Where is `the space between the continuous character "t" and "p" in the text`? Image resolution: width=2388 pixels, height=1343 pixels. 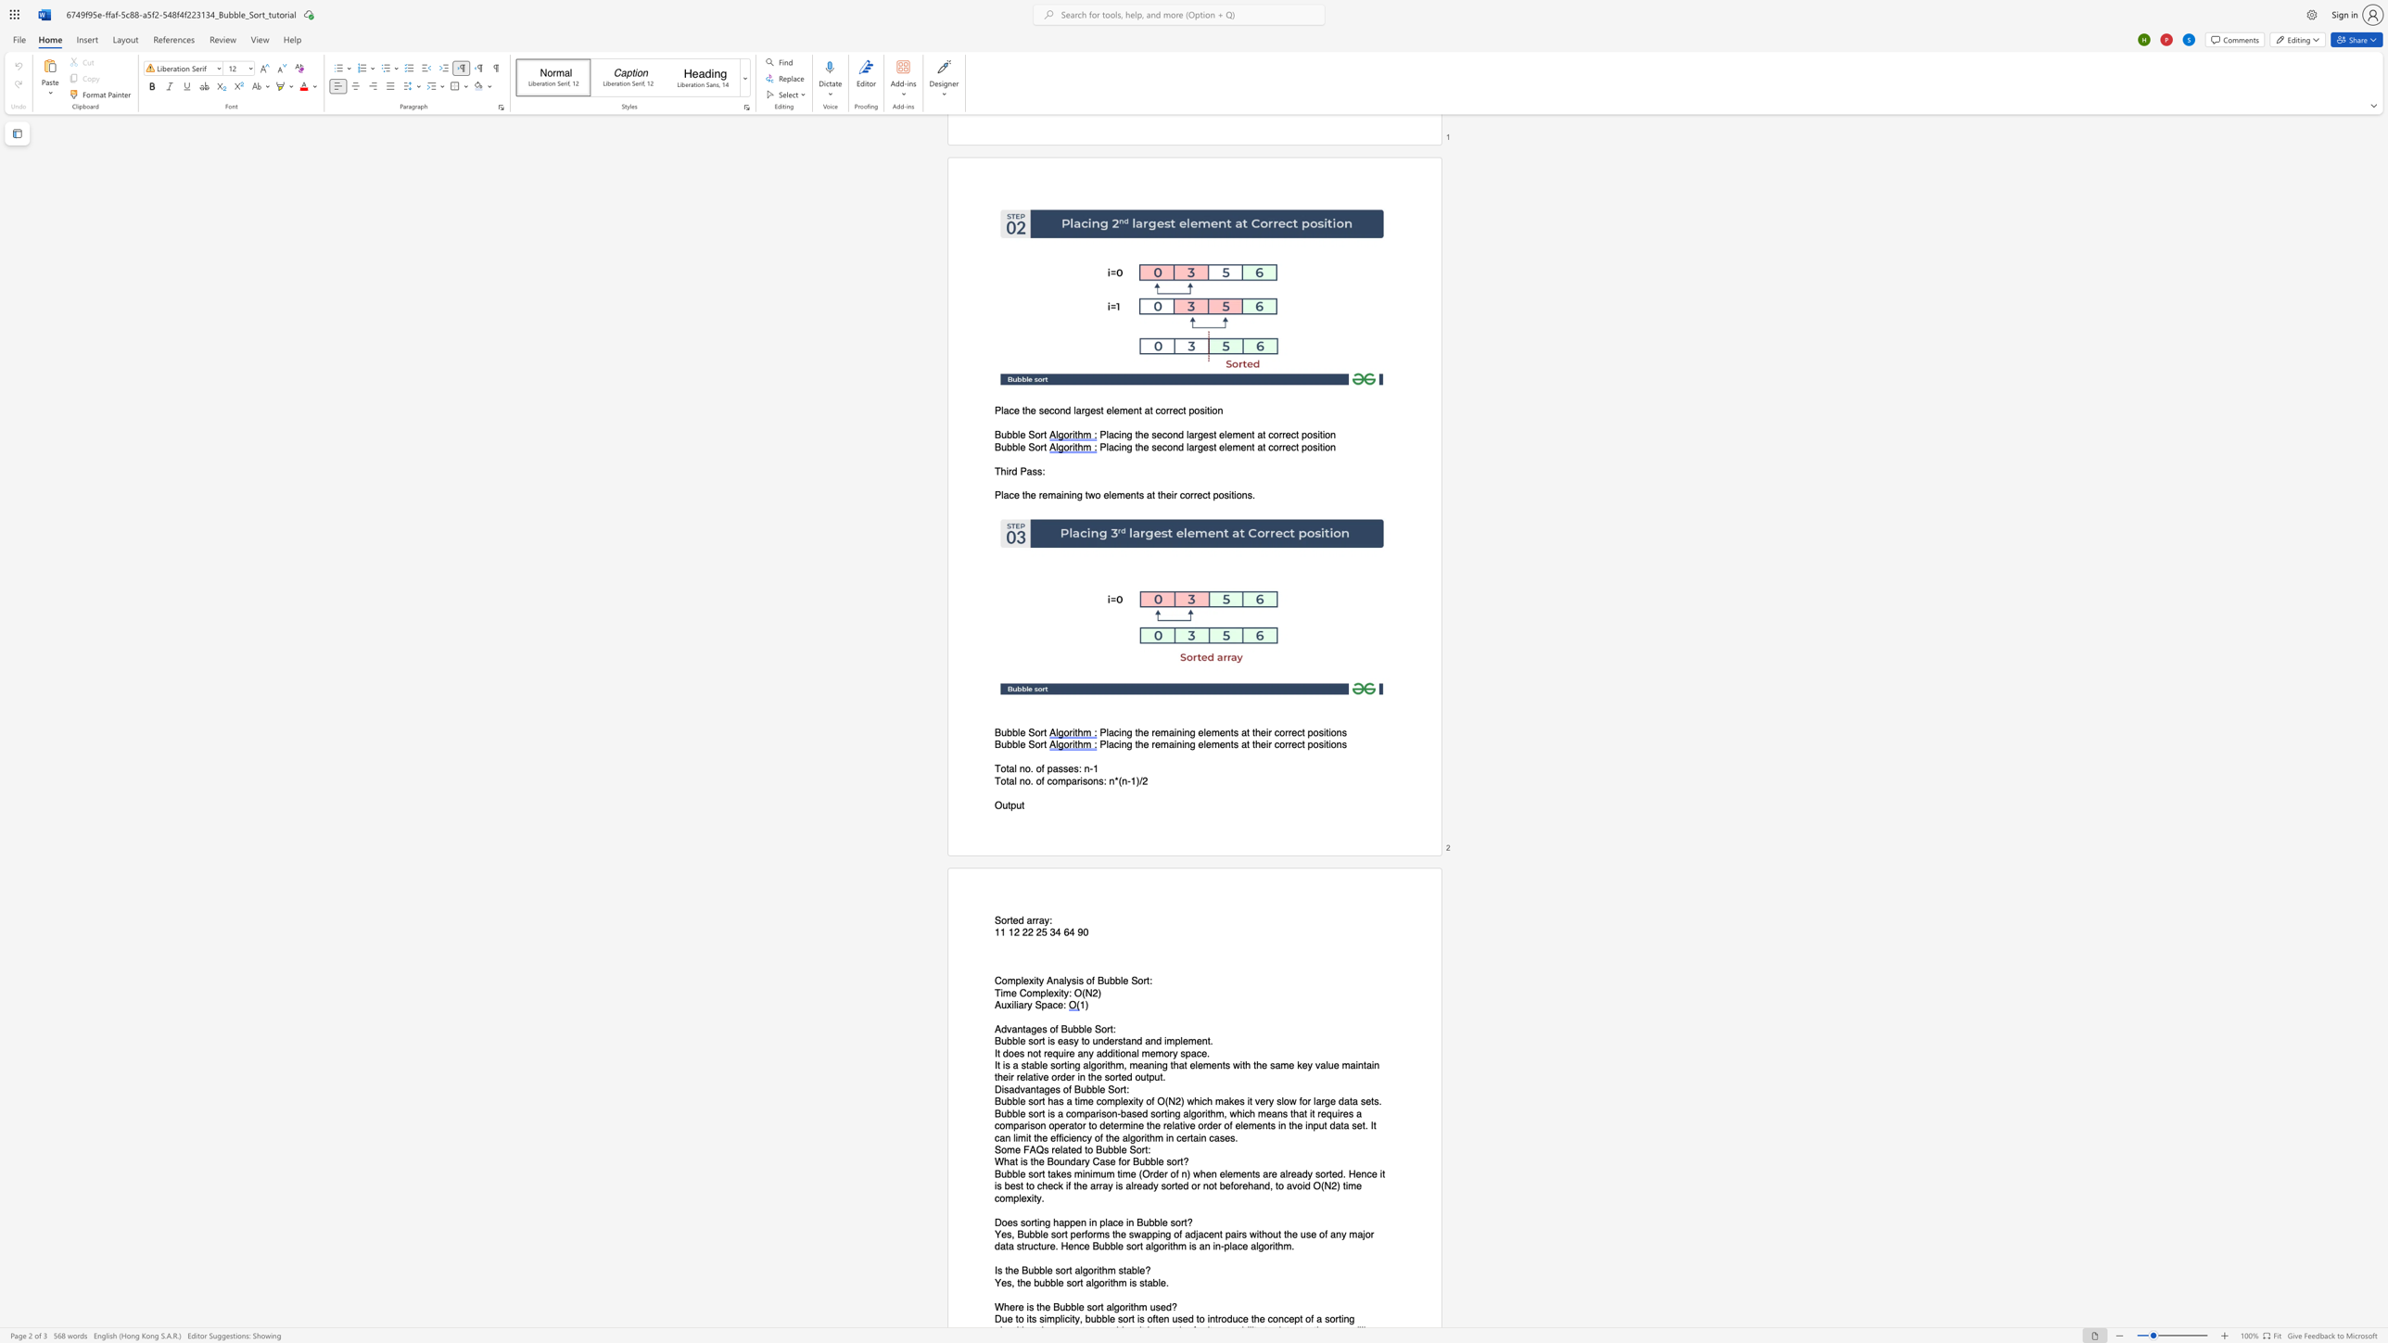
the space between the continuous character "t" and "p" in the text is located at coordinates (1148, 1077).